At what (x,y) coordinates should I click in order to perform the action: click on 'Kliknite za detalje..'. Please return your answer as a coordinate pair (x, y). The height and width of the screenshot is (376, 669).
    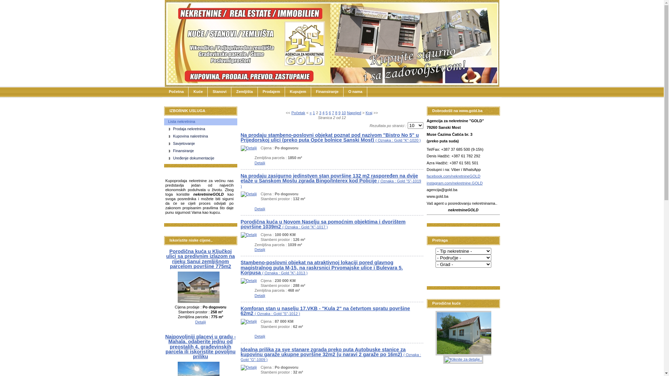
    Looking at the image, I should click on (435, 332).